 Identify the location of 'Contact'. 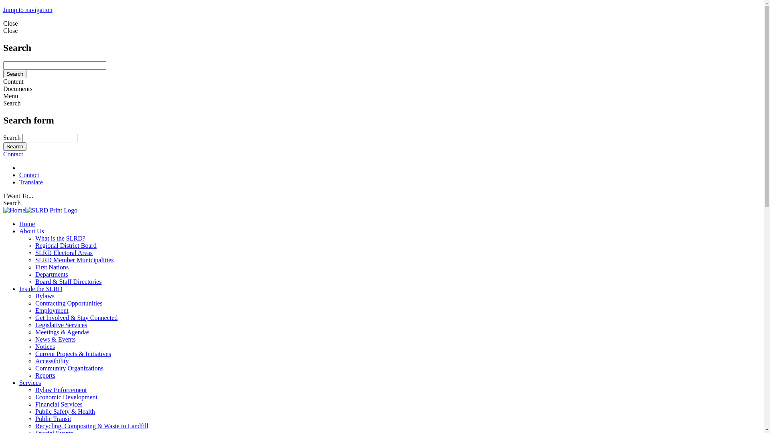
(13, 154).